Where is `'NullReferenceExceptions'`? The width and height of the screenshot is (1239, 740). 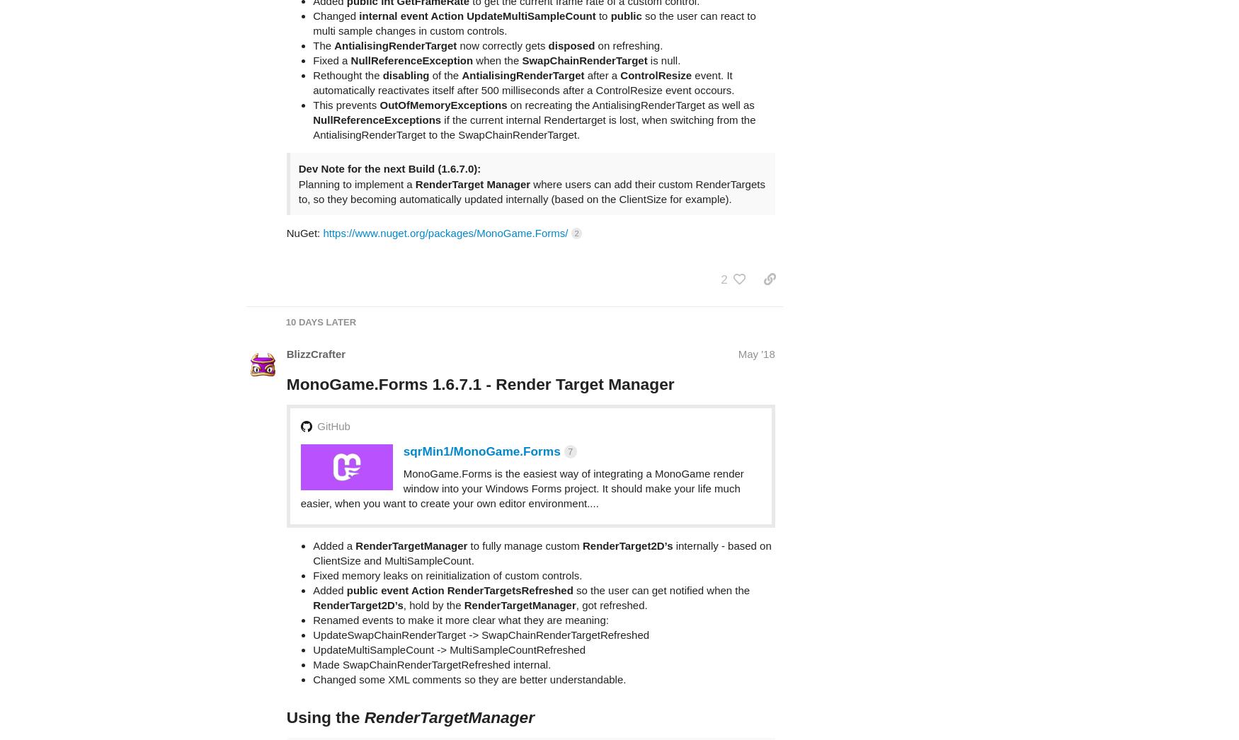
'NullReferenceExceptions' is located at coordinates (376, 64).